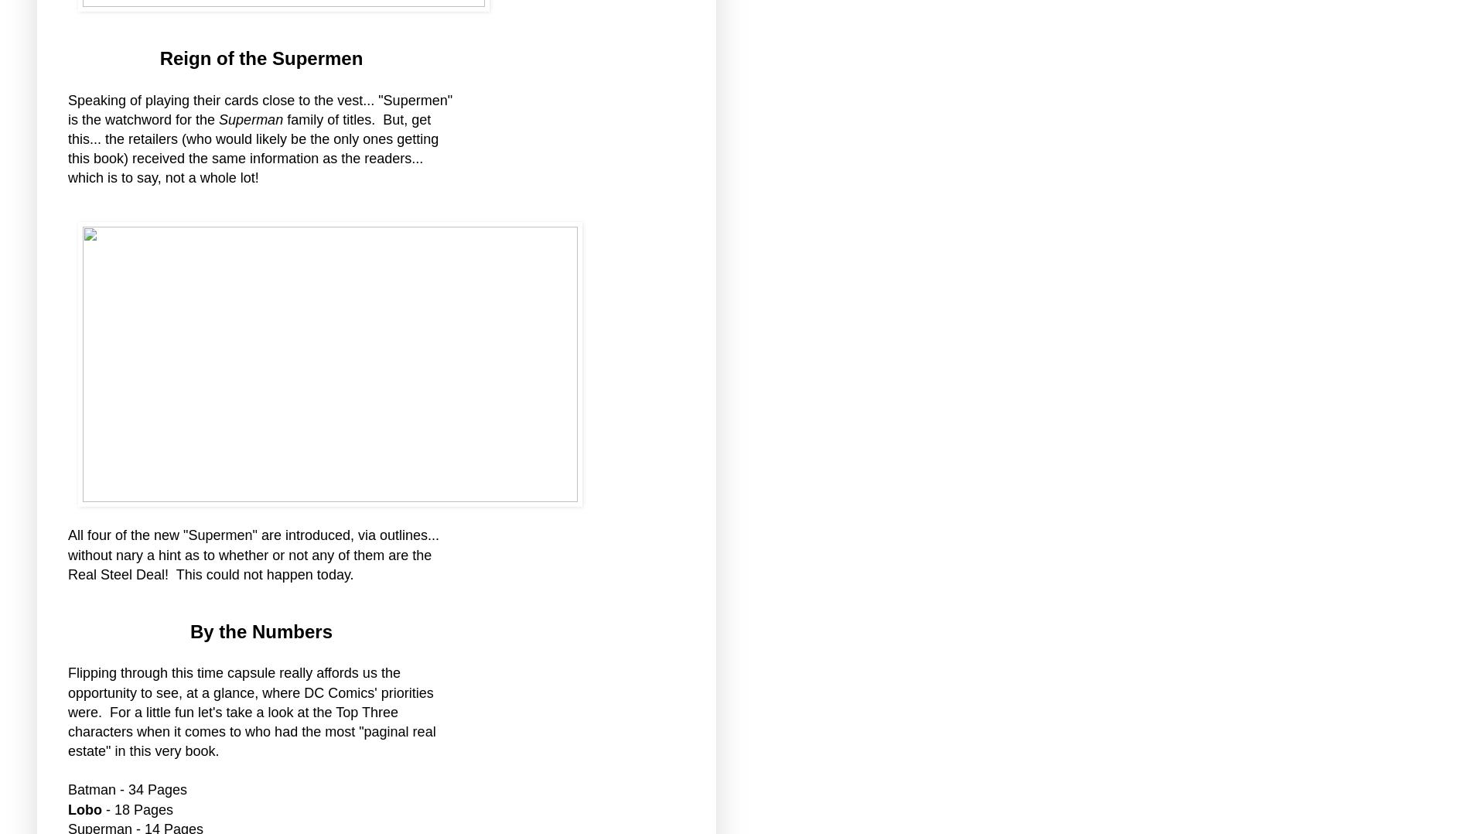  What do you see at coordinates (86, 808) in the screenshot?
I see `'Lobo'` at bounding box center [86, 808].